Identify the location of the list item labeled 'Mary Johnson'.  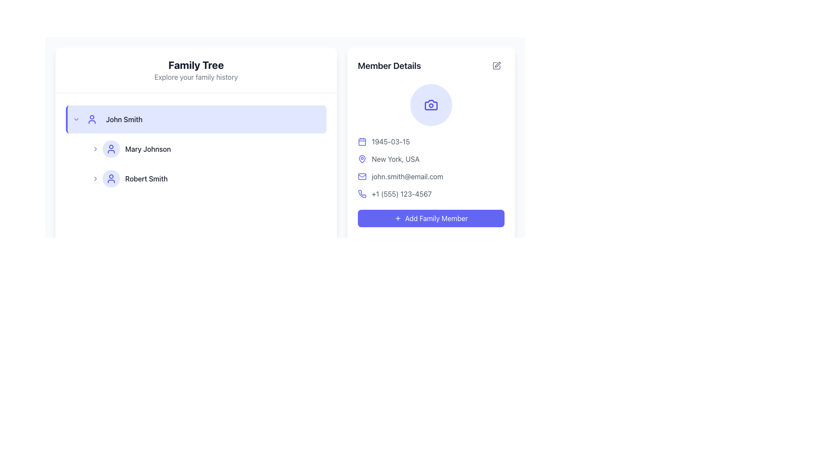
(206, 149).